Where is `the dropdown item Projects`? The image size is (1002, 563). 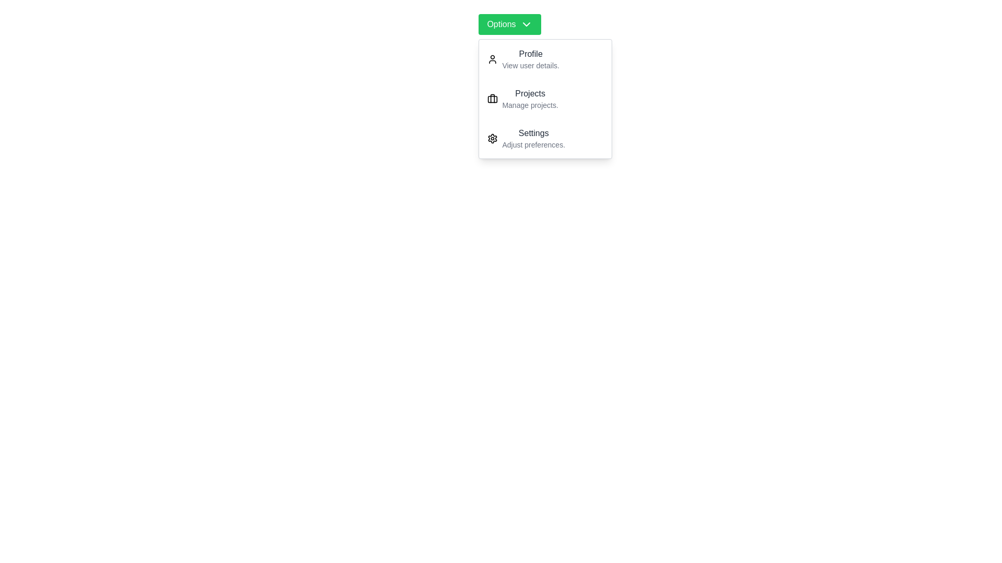 the dropdown item Projects is located at coordinates (545, 99).